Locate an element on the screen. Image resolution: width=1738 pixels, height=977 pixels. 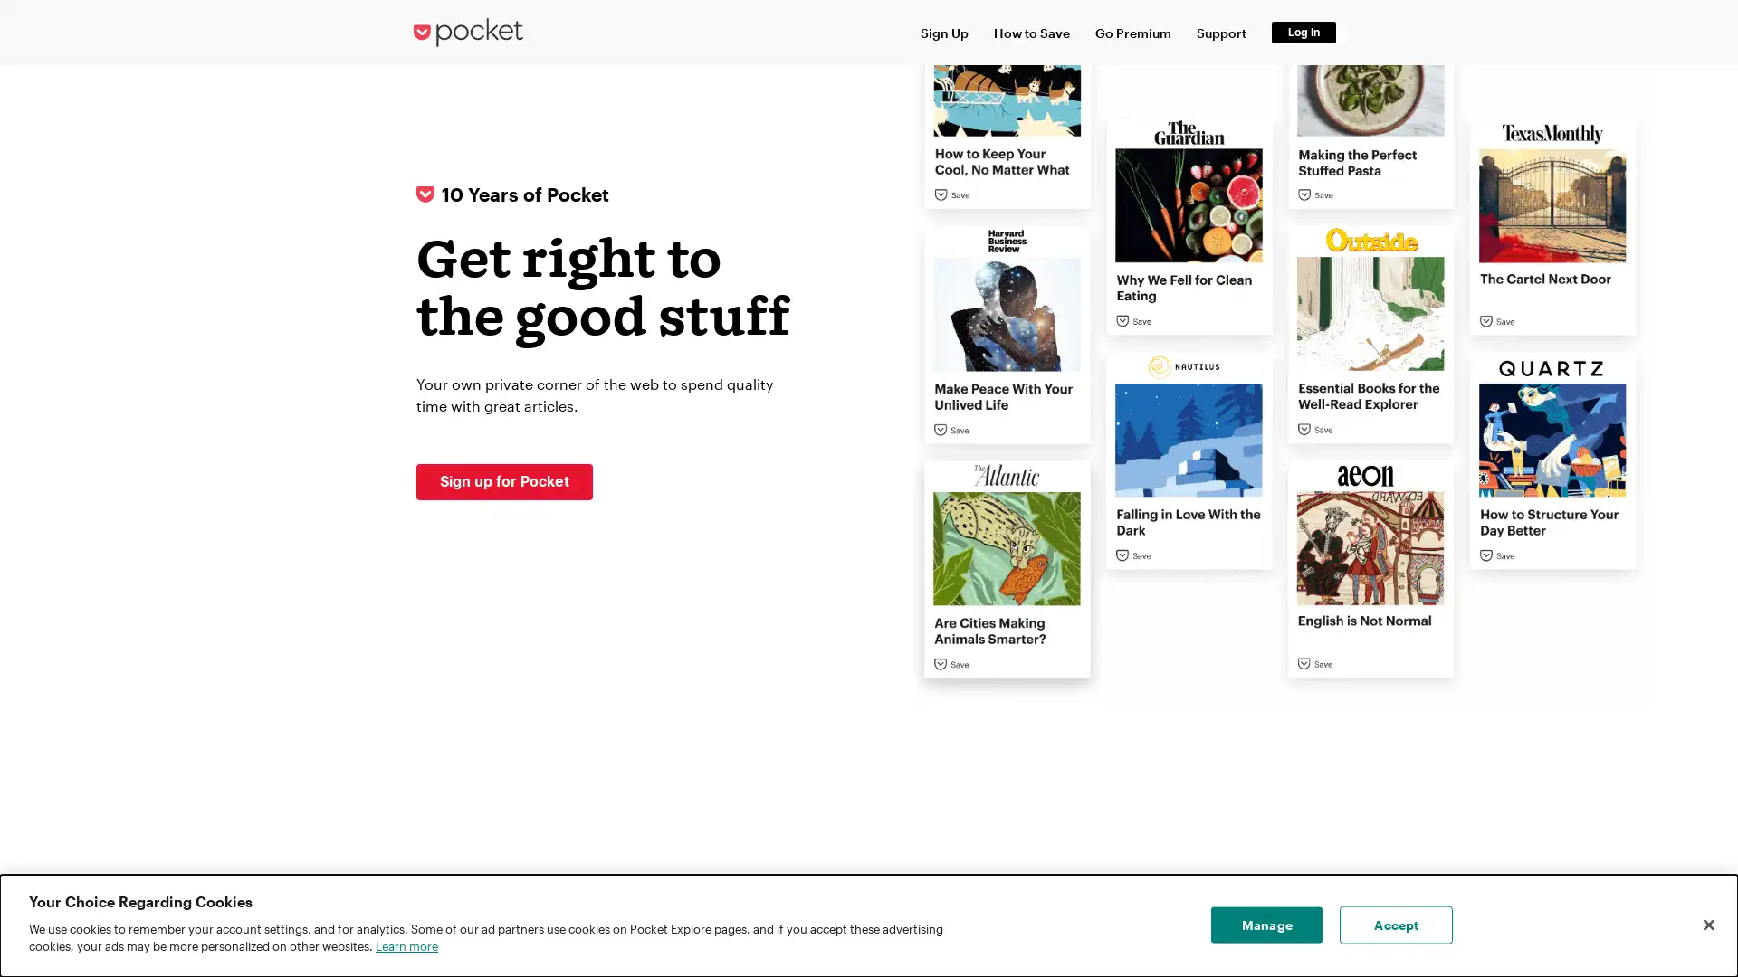
Accept is located at coordinates (1395, 925).